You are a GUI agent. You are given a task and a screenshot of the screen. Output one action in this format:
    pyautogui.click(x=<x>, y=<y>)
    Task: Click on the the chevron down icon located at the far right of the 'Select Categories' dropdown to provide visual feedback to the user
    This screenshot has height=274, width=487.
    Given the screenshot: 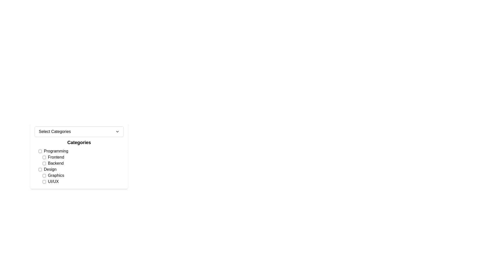 What is the action you would take?
    pyautogui.click(x=117, y=131)
    